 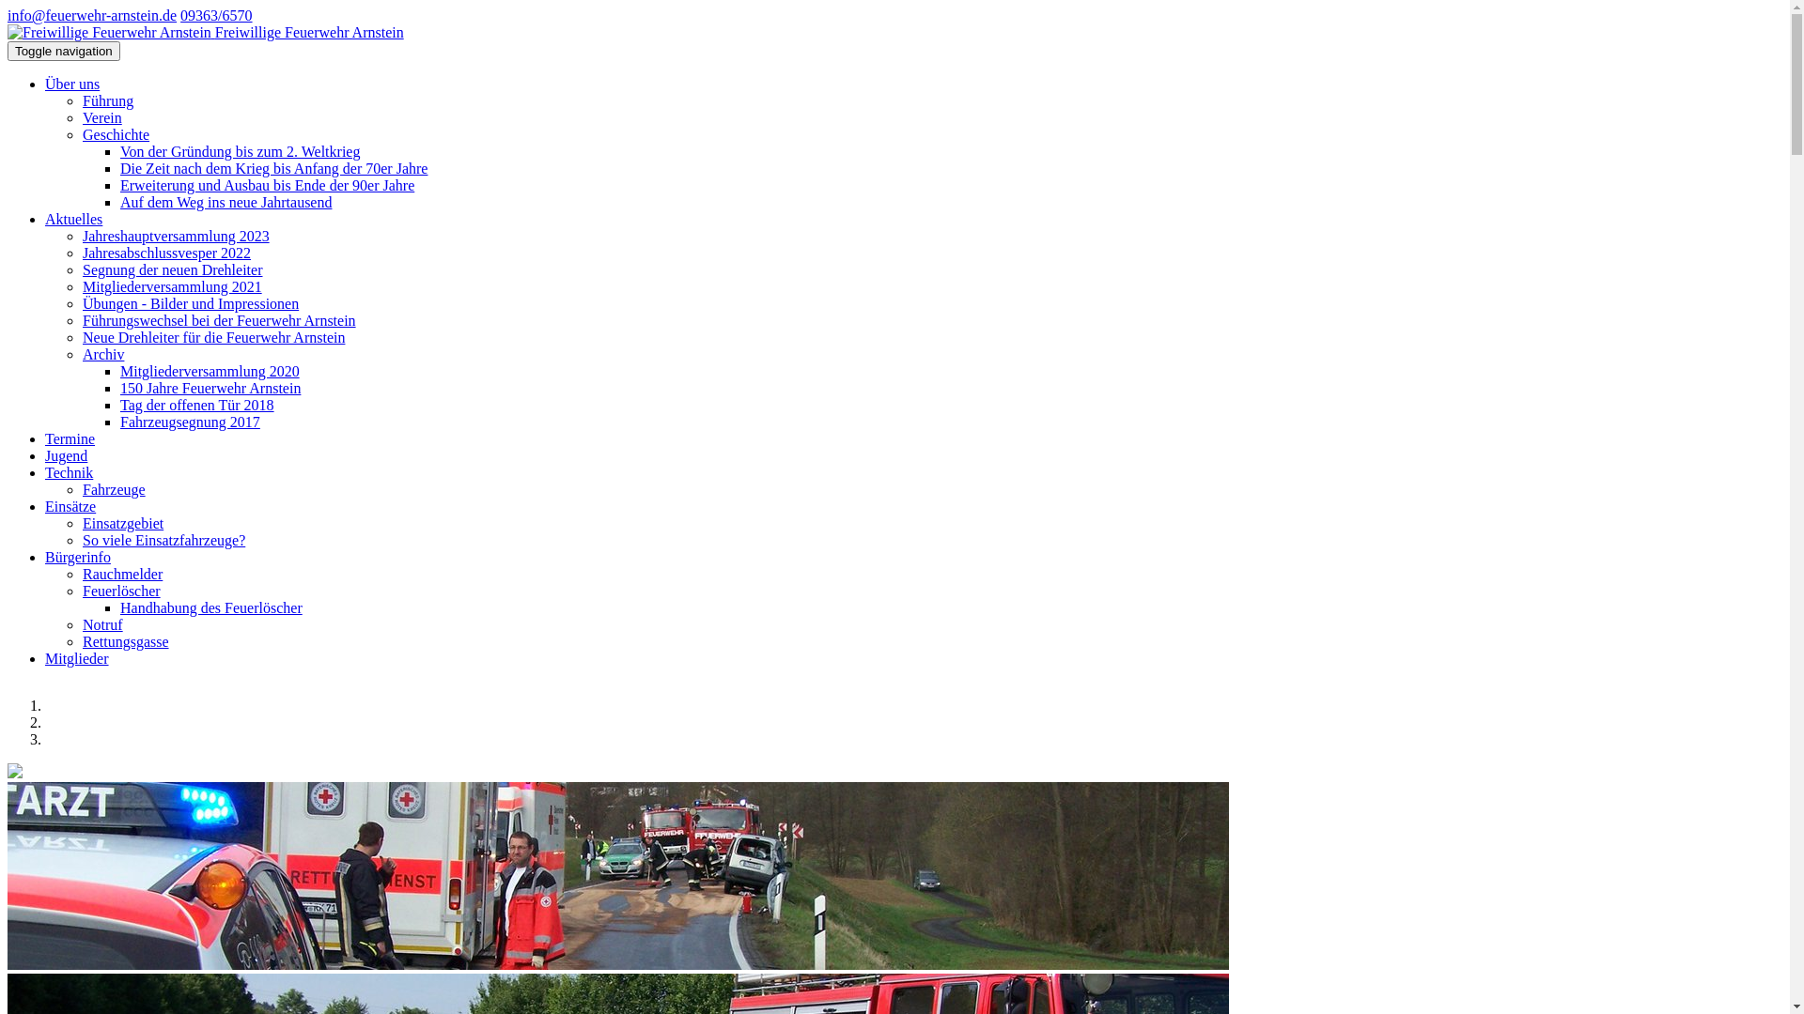 What do you see at coordinates (172, 286) in the screenshot?
I see `'Mitgliederversammlung 2021'` at bounding box center [172, 286].